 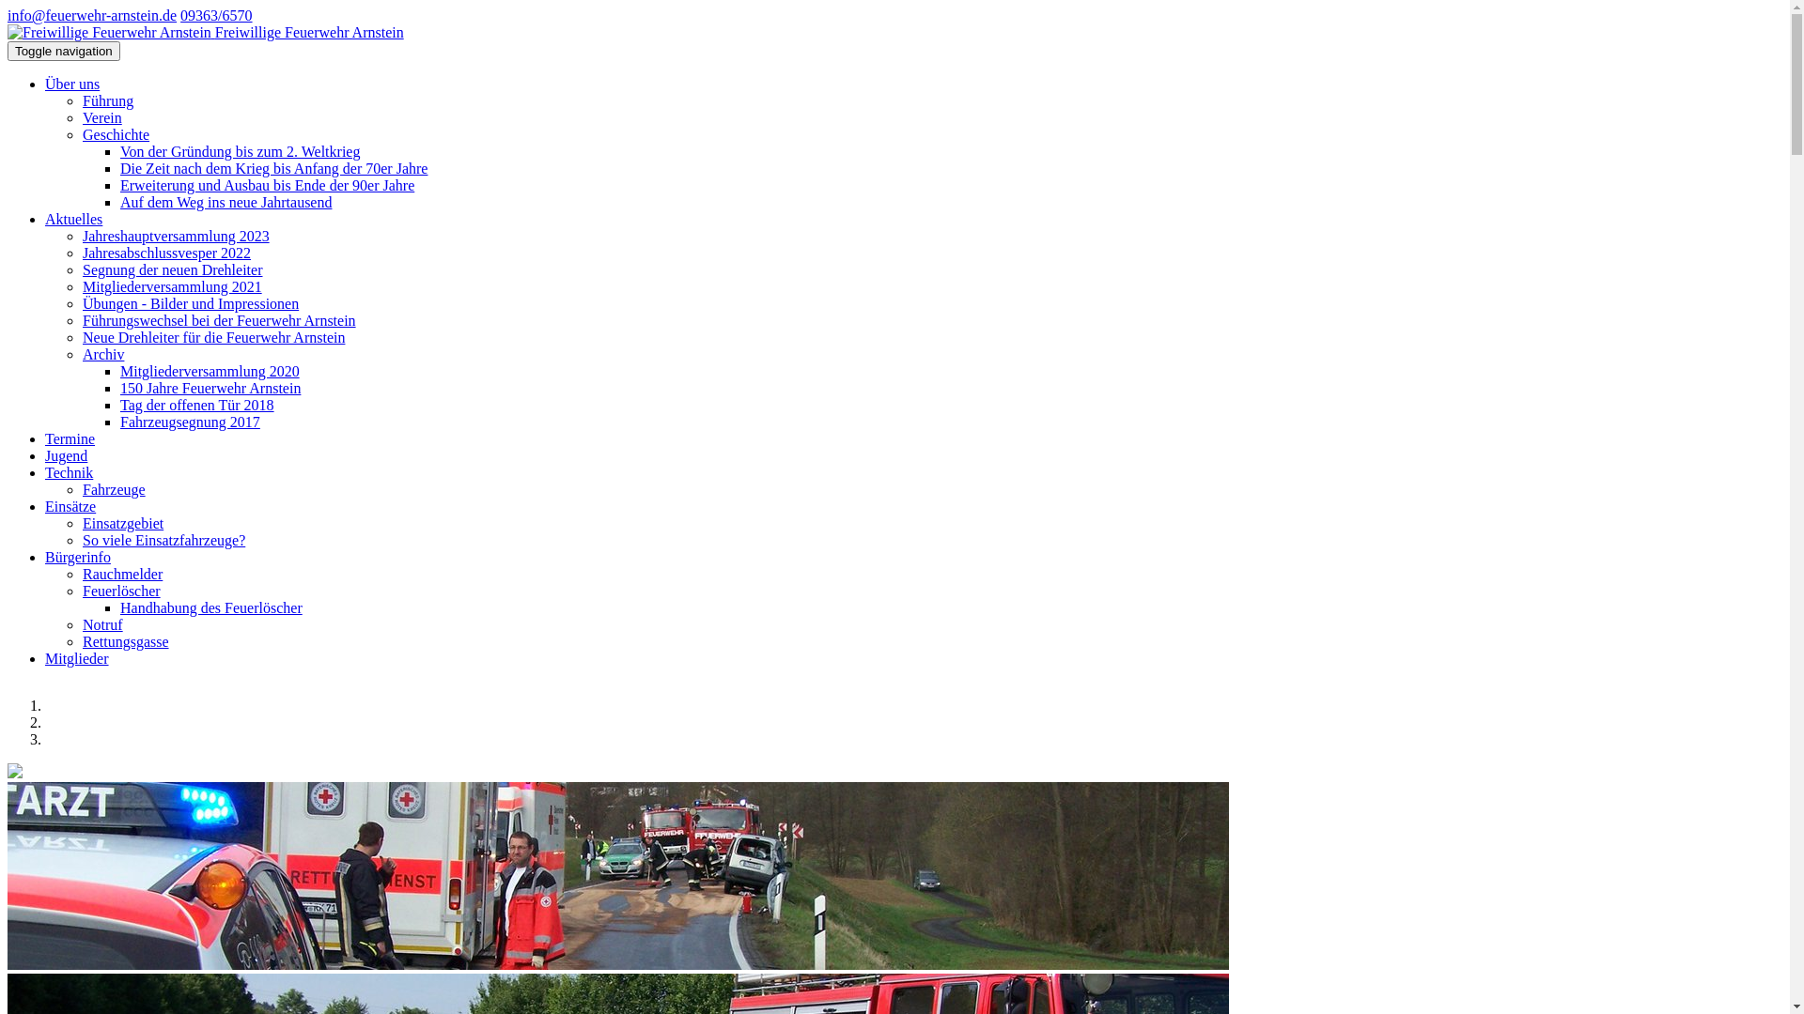 What do you see at coordinates (172, 286) in the screenshot?
I see `'Mitgliederversammlung 2021'` at bounding box center [172, 286].